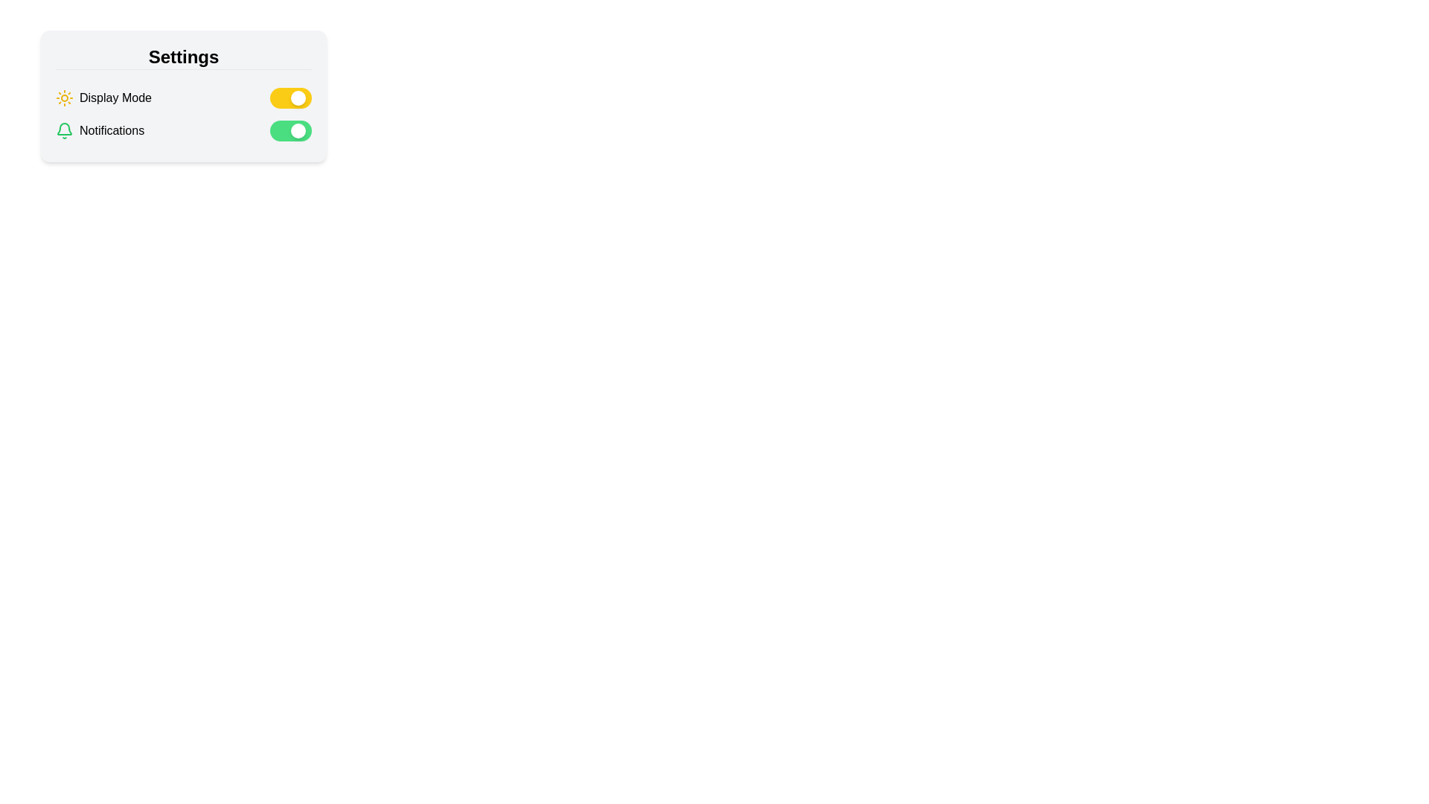 Image resolution: width=1429 pixels, height=804 pixels. Describe the element at coordinates (290, 130) in the screenshot. I see `the toggle switch for the 'Notifications' feature located in the second row, aligned with its label and icon` at that location.